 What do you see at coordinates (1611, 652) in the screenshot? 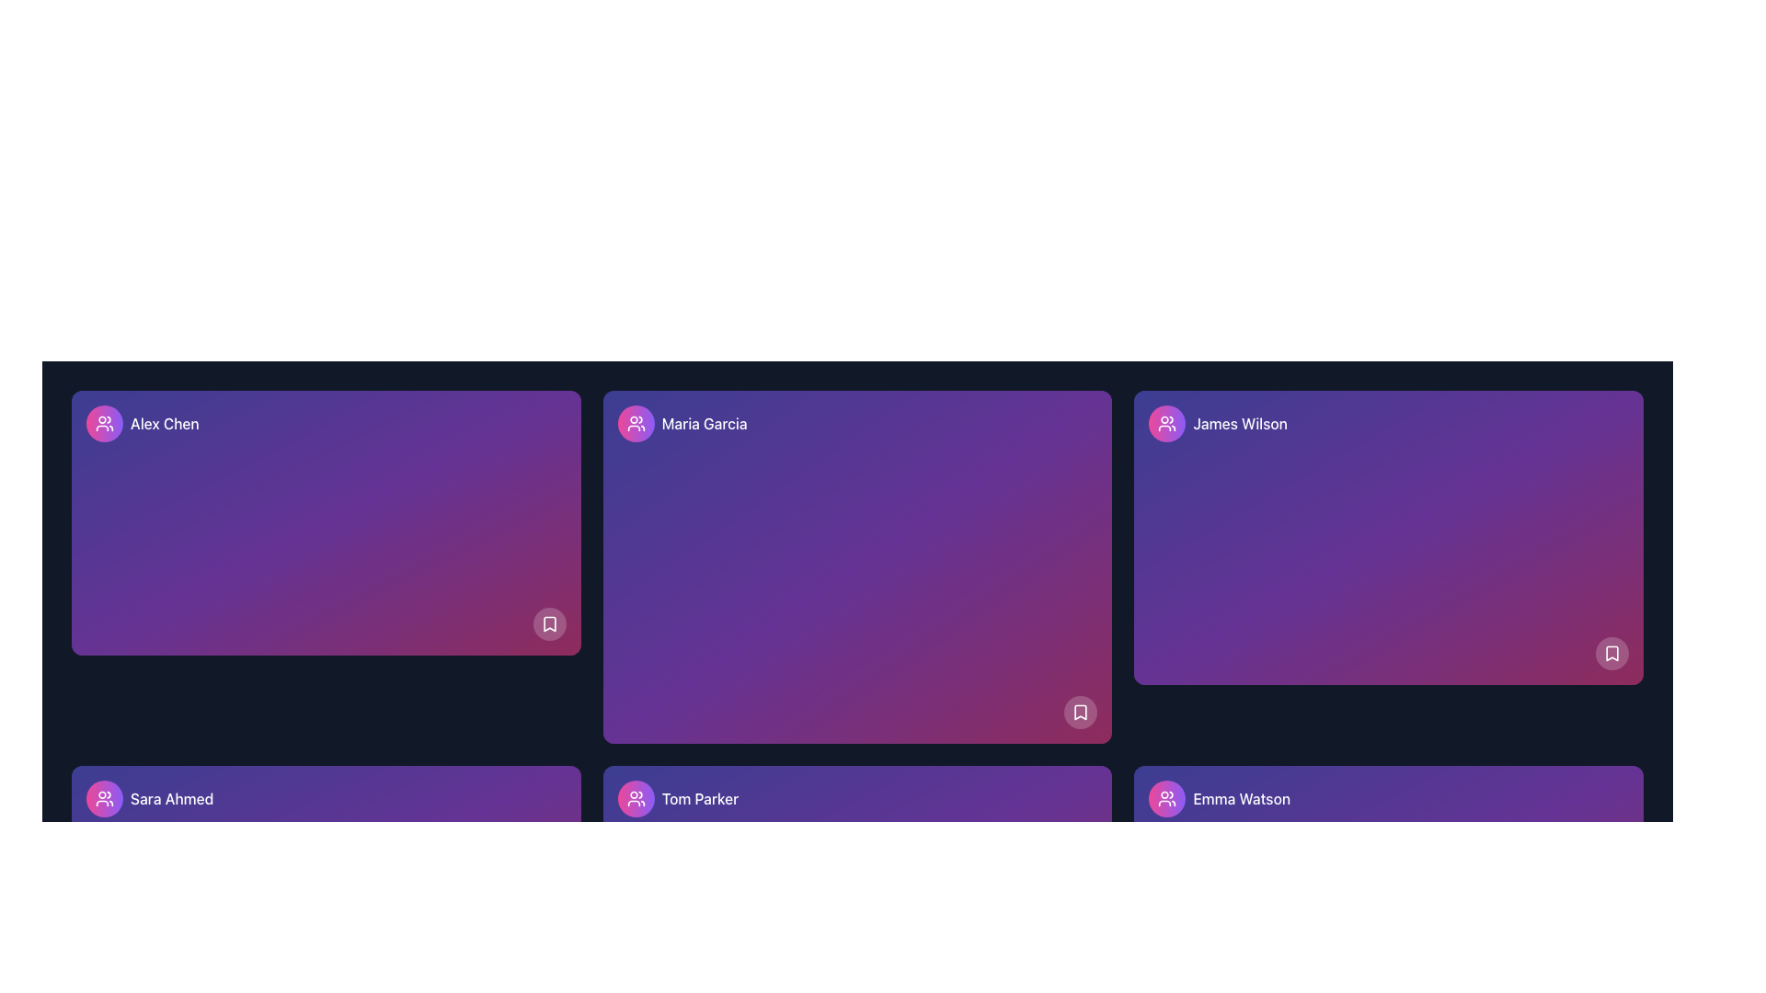
I see `the minimalist bookmark icon located at the bottom-right corner of the card in the second row and third column of the grid layout` at bounding box center [1611, 652].